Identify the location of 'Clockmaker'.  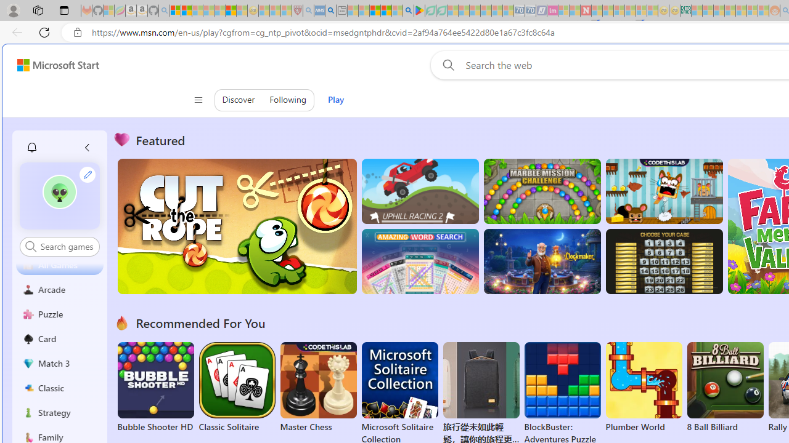
(542, 261).